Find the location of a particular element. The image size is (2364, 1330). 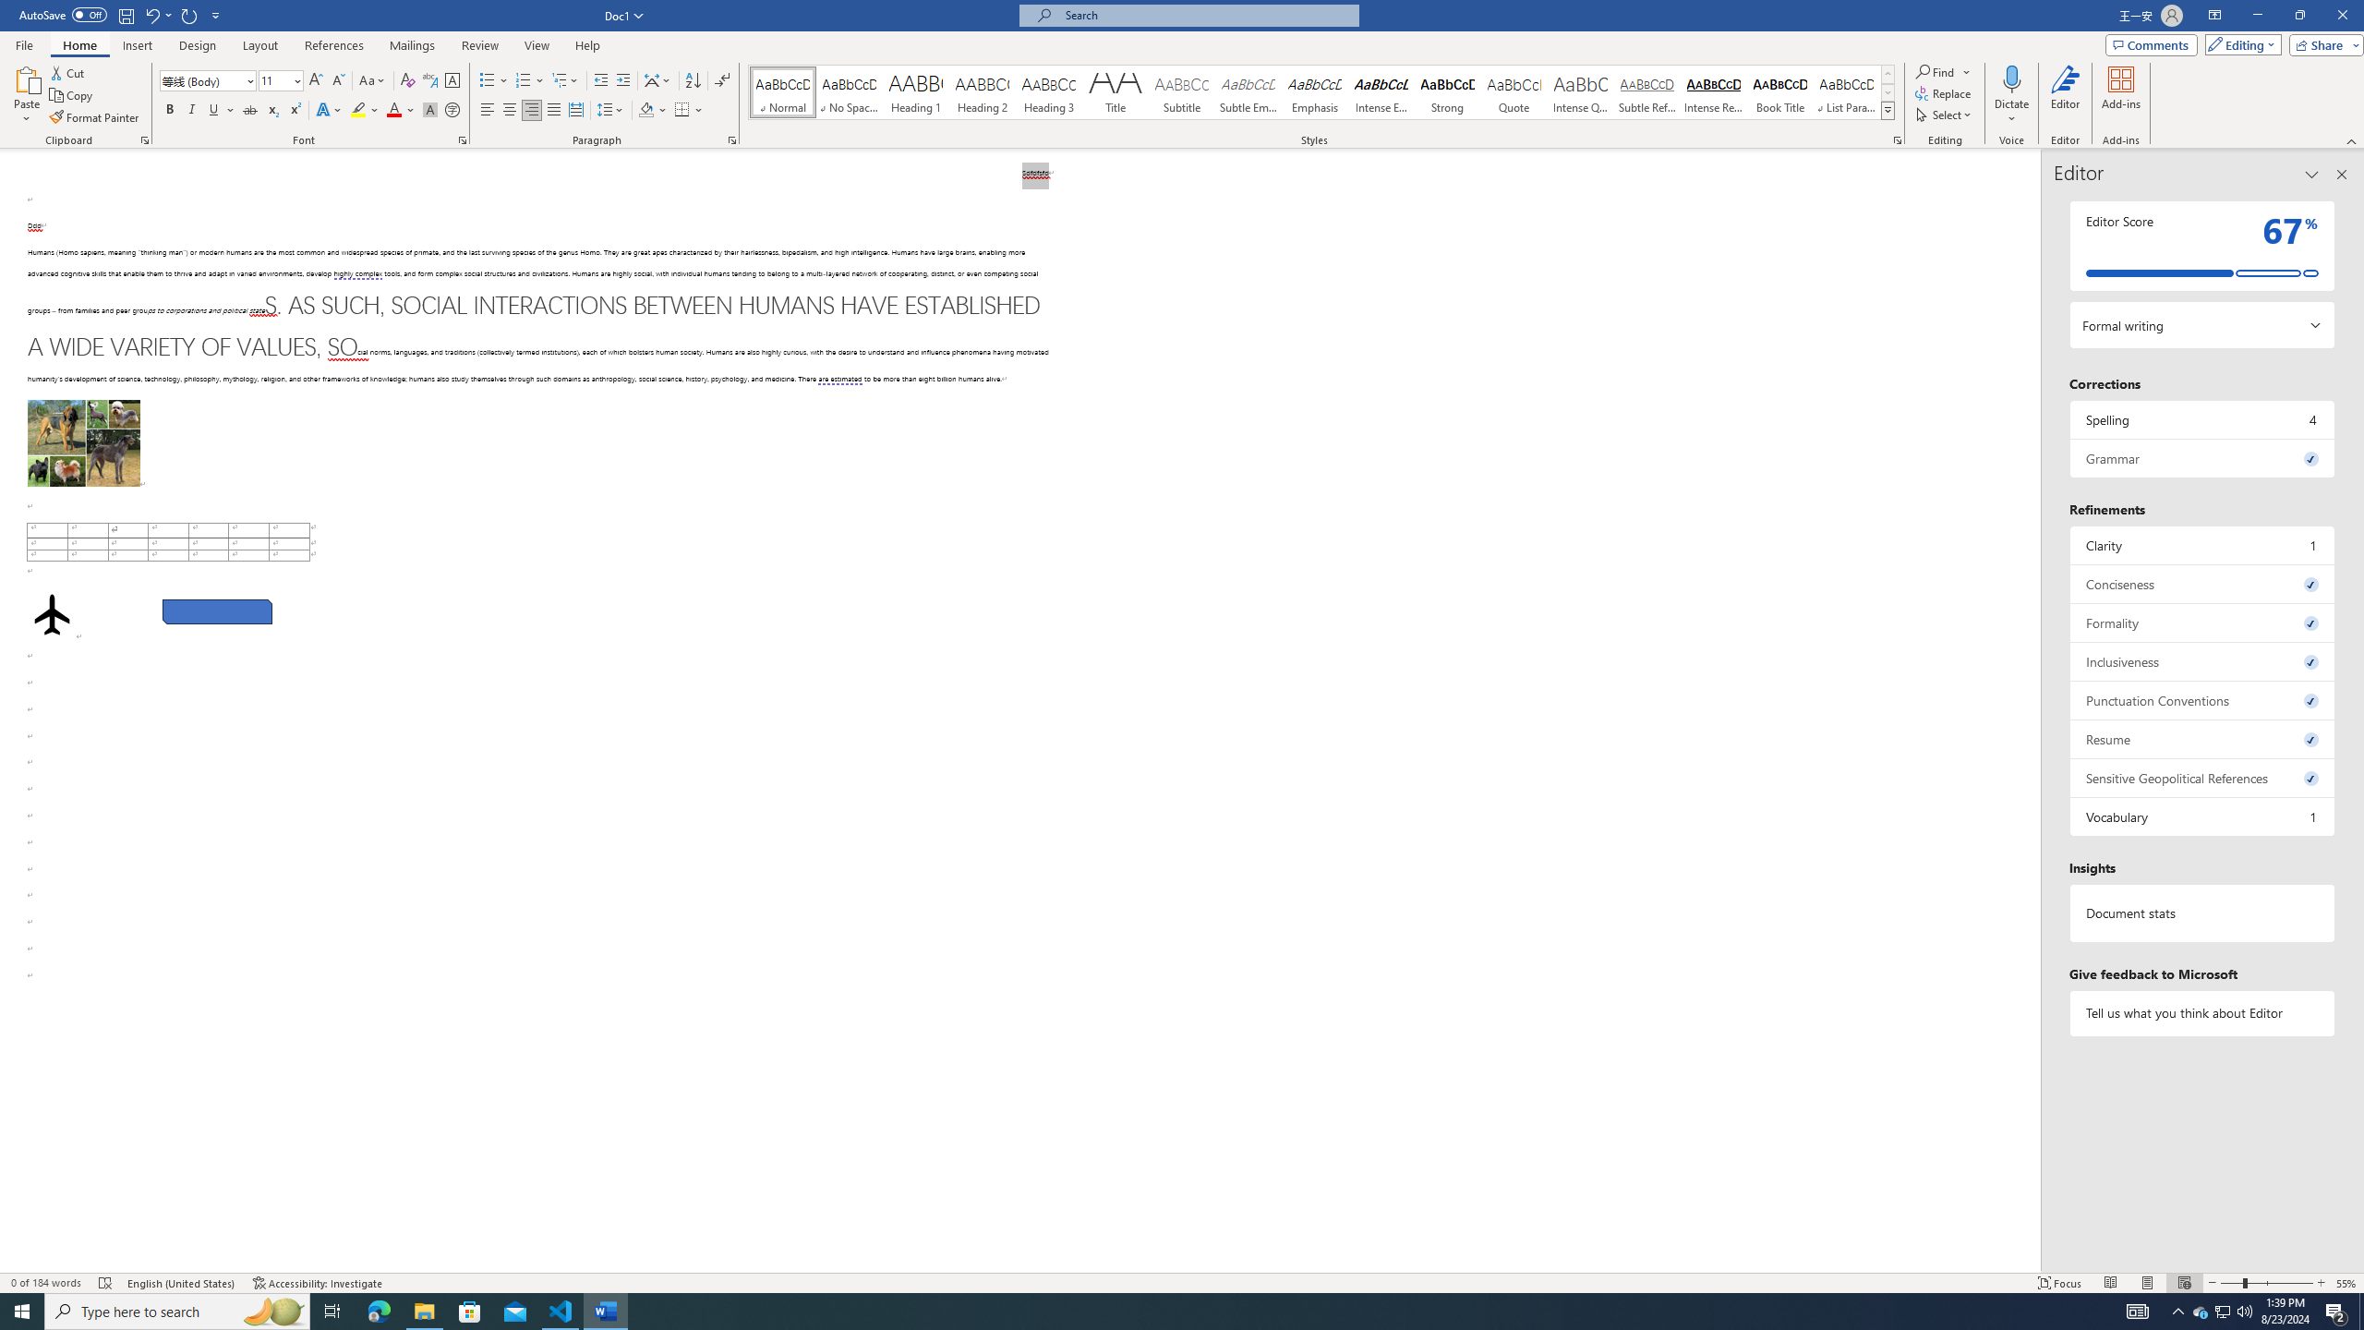

'Replace...' is located at coordinates (1943, 91).